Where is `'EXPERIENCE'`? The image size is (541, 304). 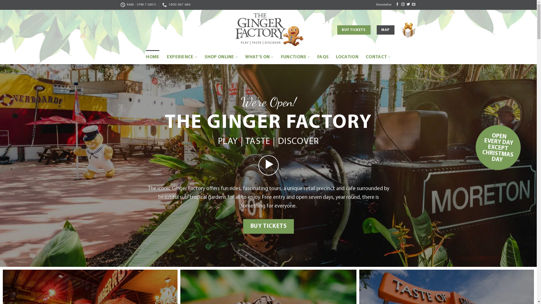
'EXPERIENCE' is located at coordinates (182, 57).